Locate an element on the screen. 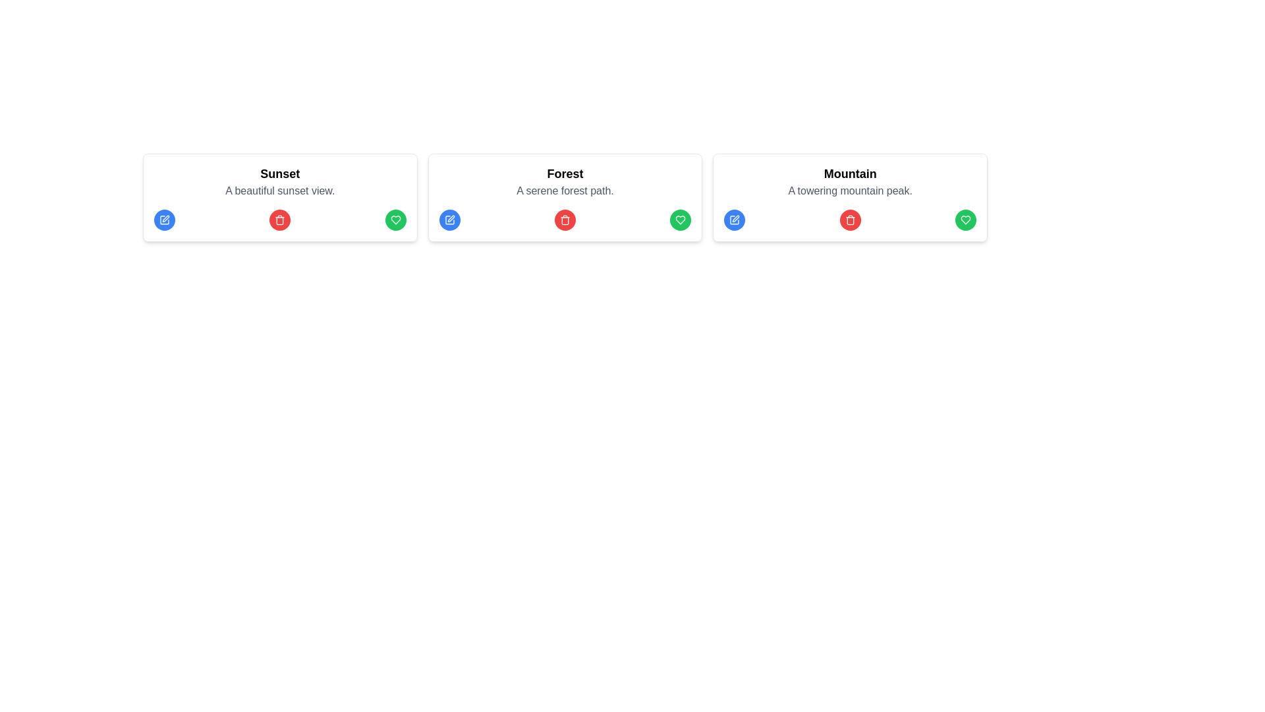  the edit button for the 'Sunset' item, which is located on the leftmost side of the three icons in its row is located at coordinates (163, 220).